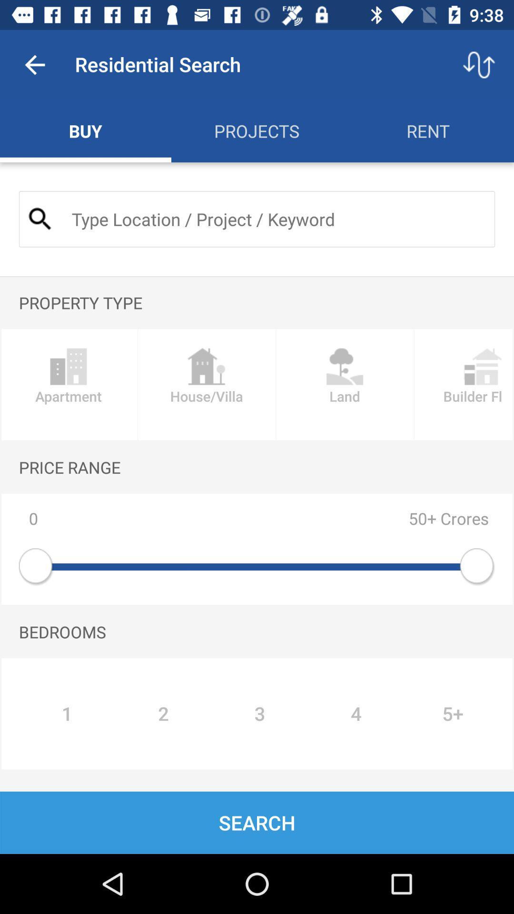  What do you see at coordinates (275, 219) in the screenshot?
I see `location or project name` at bounding box center [275, 219].